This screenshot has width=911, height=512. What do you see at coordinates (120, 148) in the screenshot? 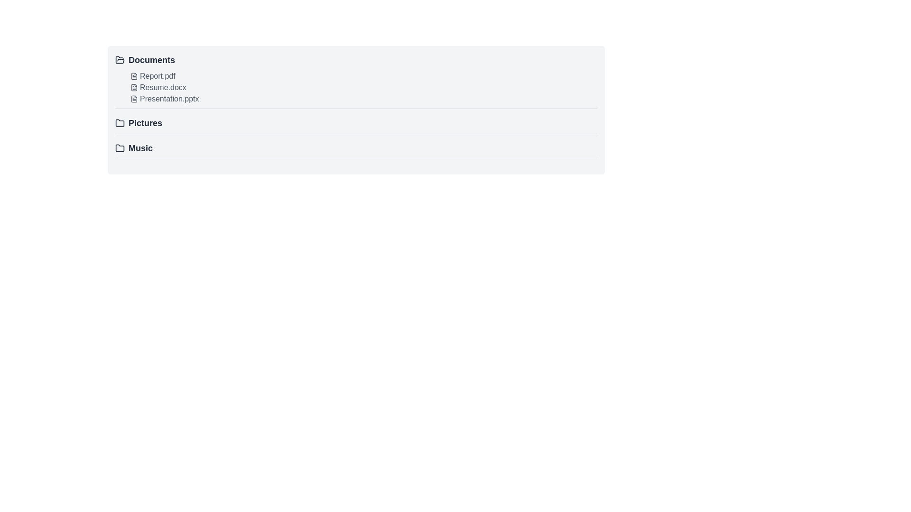
I see `the folder icon next to the 'Music' label` at bounding box center [120, 148].